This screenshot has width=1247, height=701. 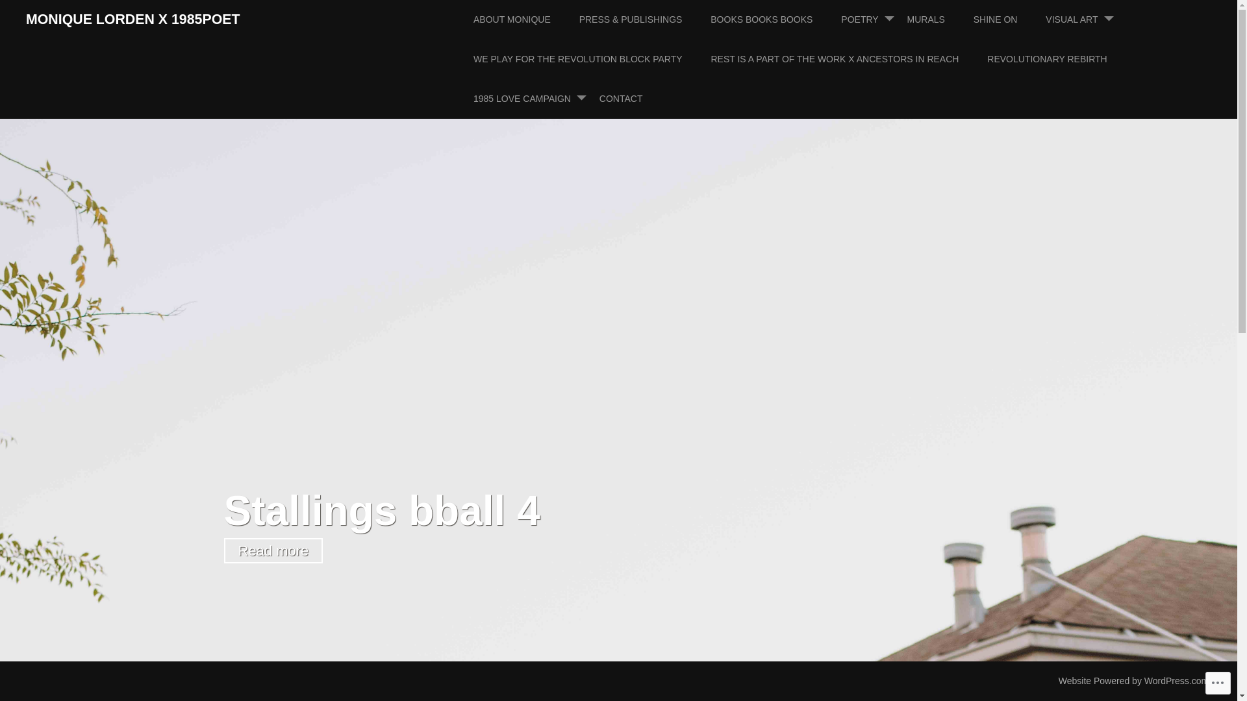 What do you see at coordinates (848, 59) in the screenshot?
I see `'REST IS A PART OF THE WORK X ANCESTORS IN REACH'` at bounding box center [848, 59].